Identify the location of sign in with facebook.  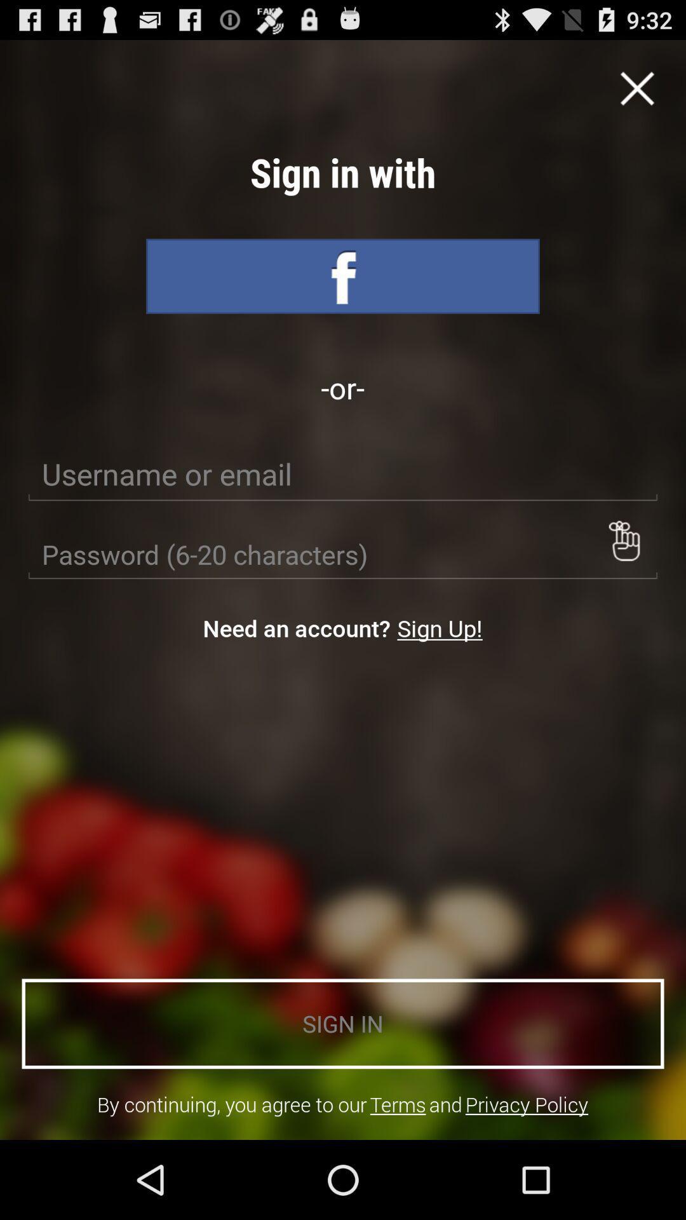
(343, 276).